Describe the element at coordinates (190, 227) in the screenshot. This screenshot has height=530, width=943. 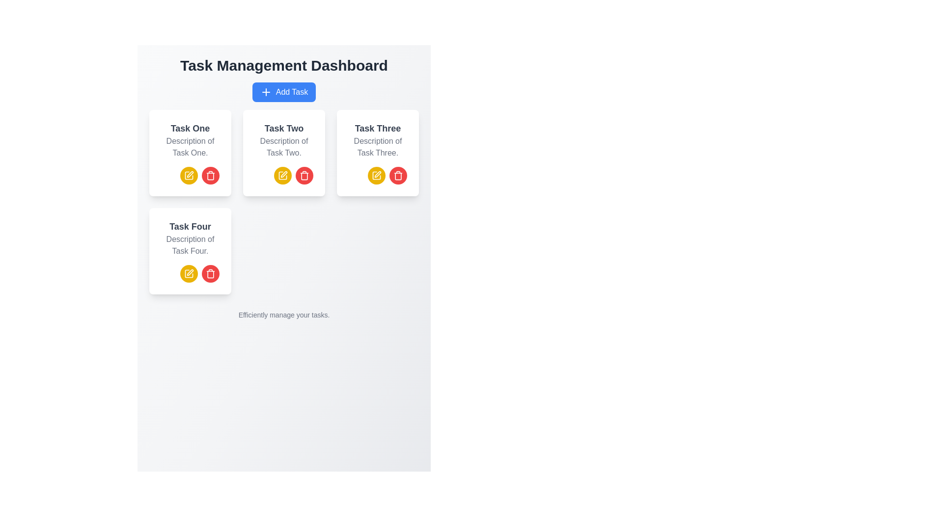
I see `the Text Label that serves as the title for 'Task Four', positioned at the top of the card in the 'Task Management Dashboard'` at that location.